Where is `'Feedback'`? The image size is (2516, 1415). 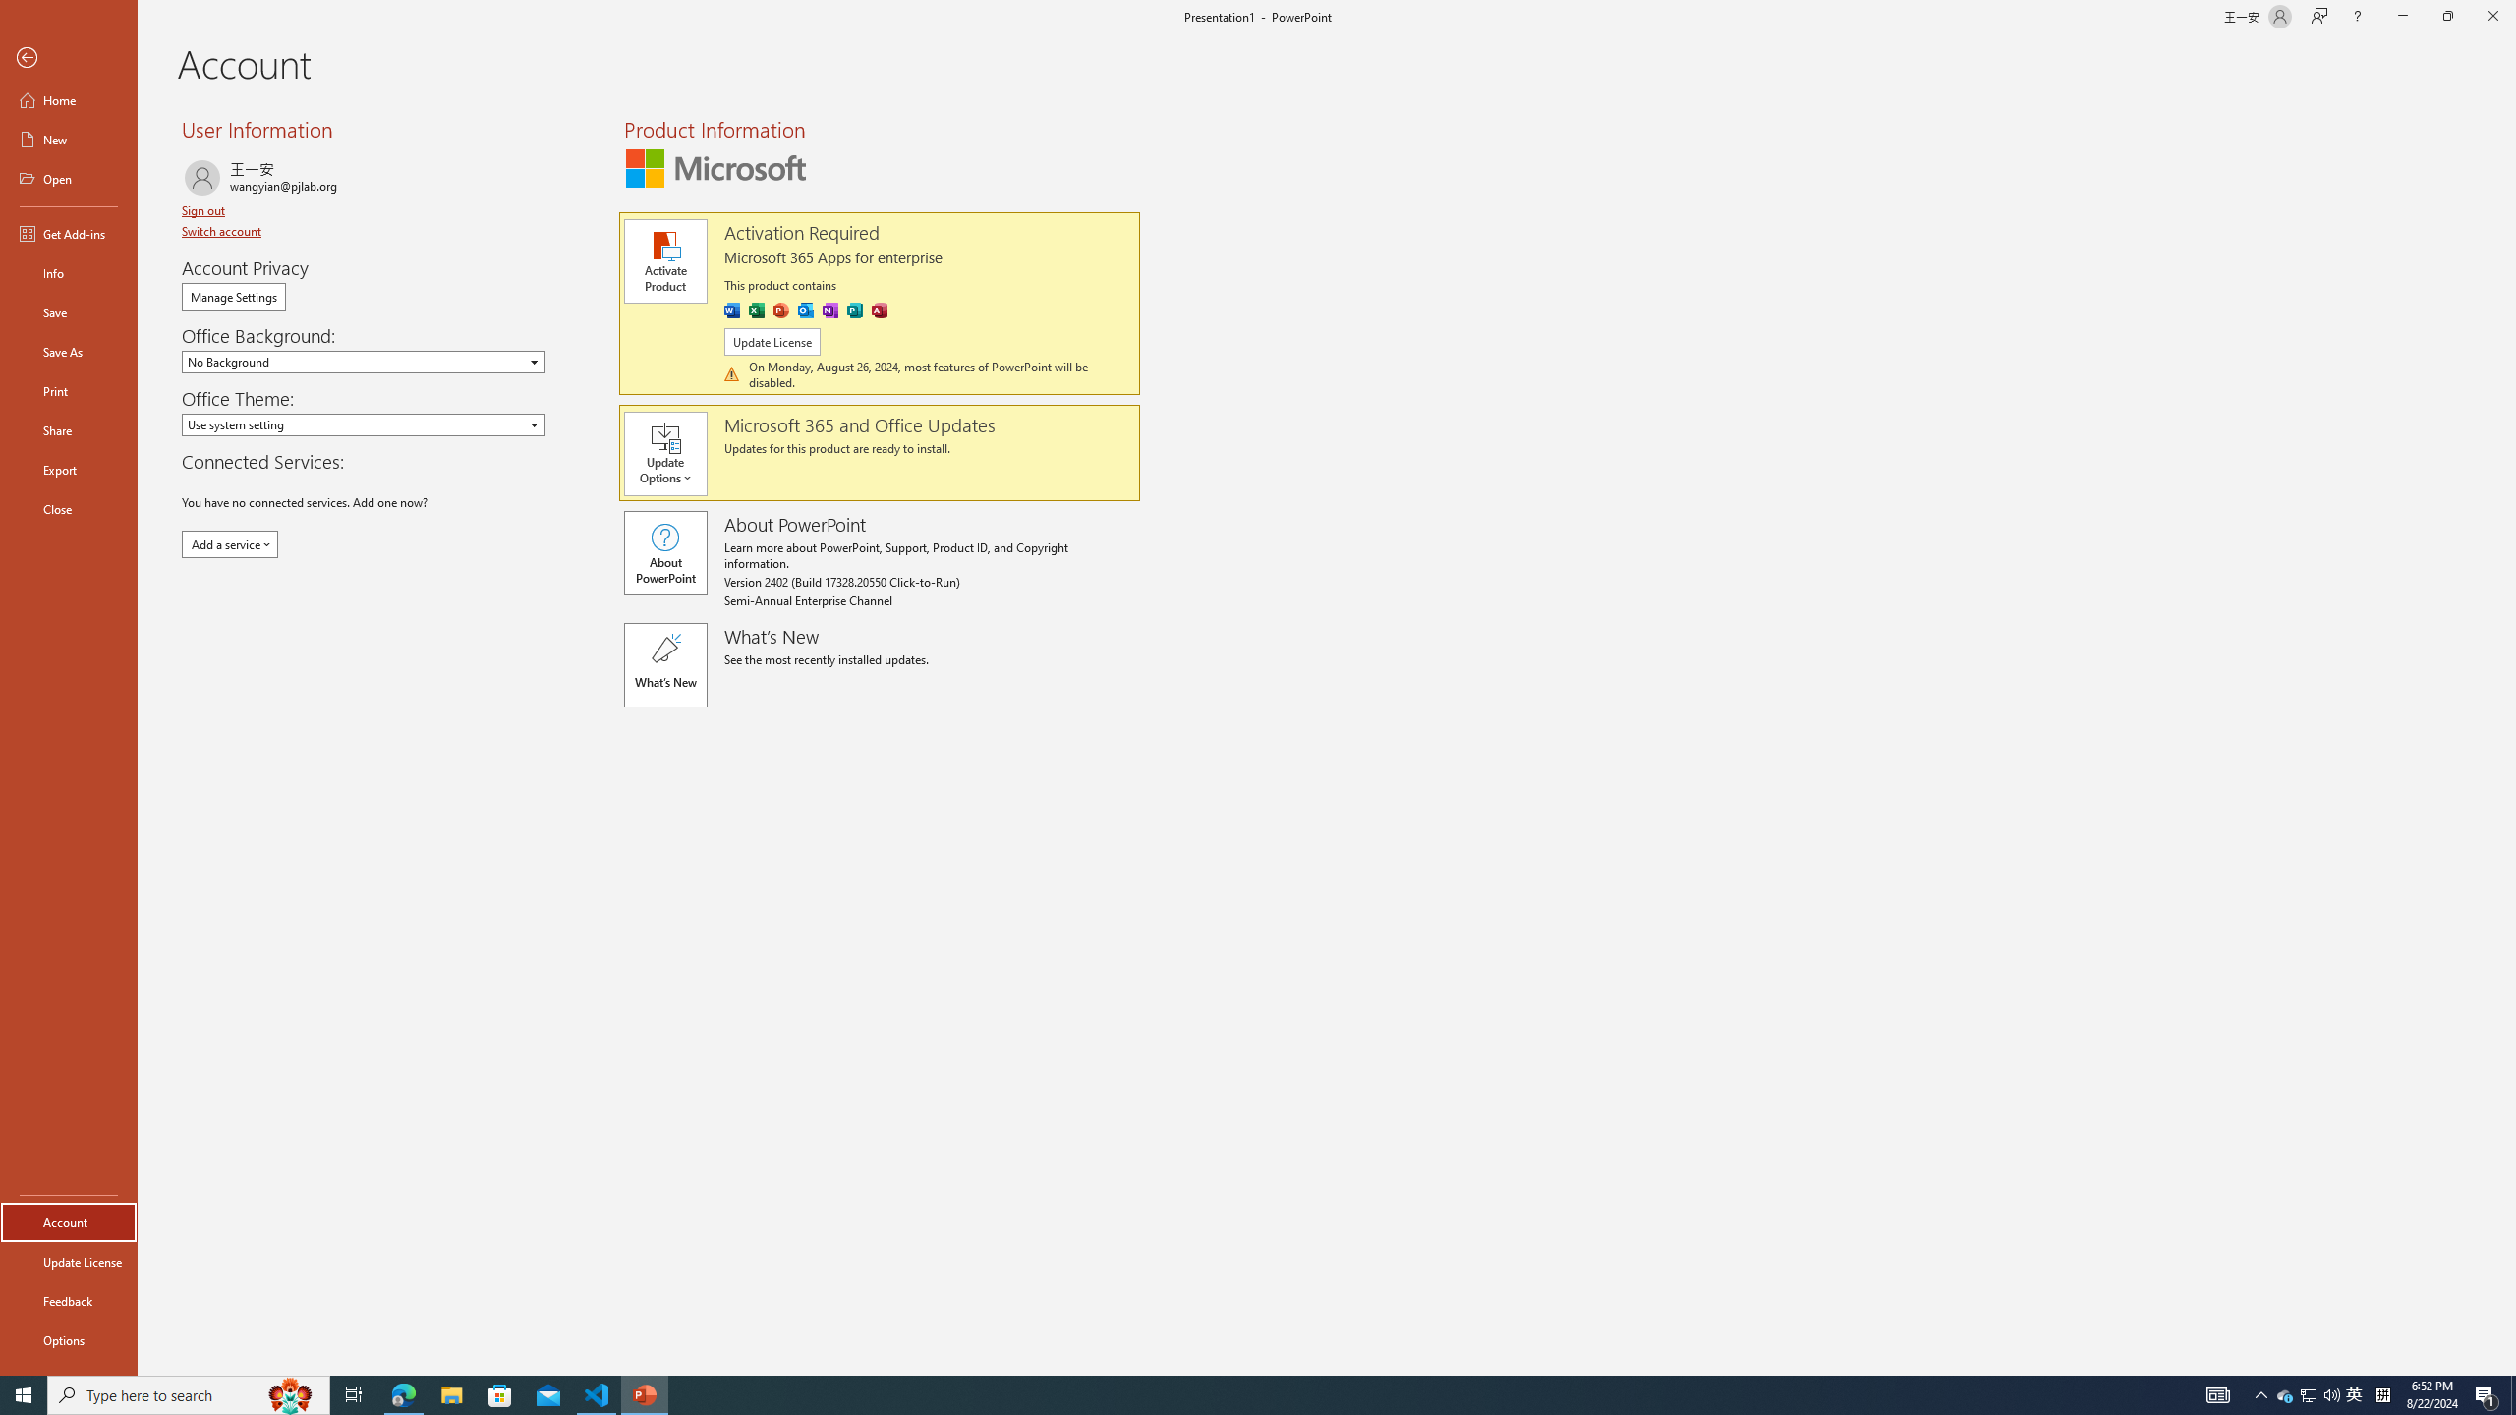
'Feedback' is located at coordinates (68, 1301).